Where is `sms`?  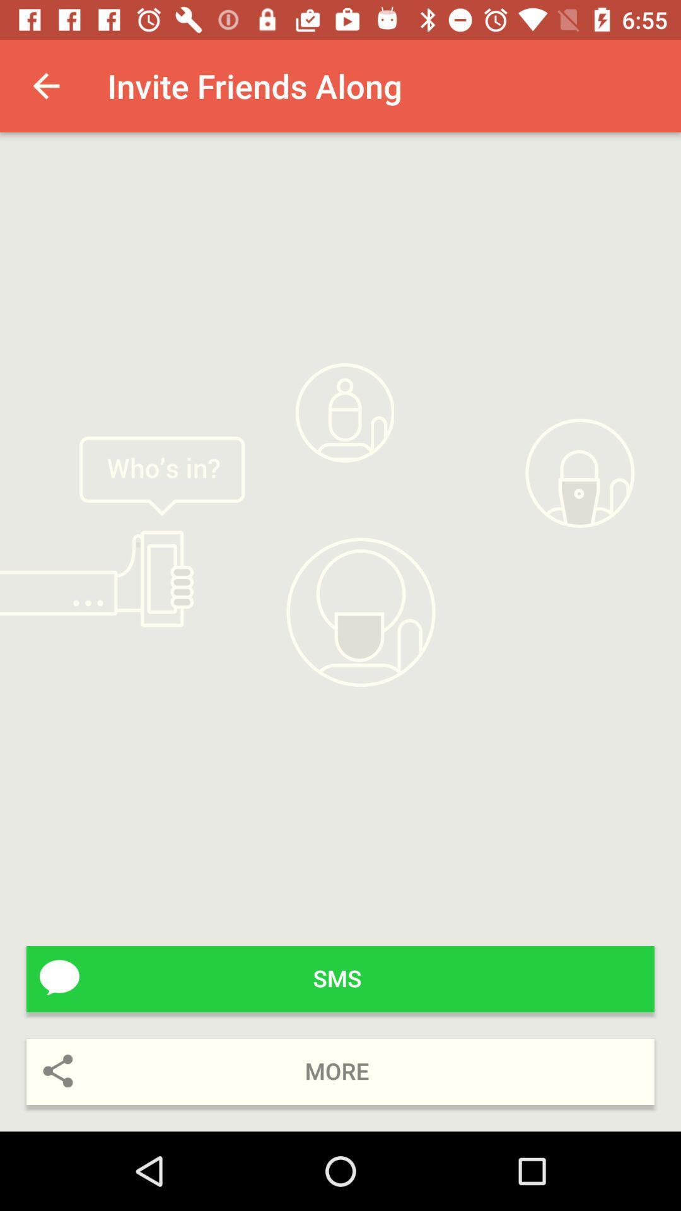
sms is located at coordinates (340, 978).